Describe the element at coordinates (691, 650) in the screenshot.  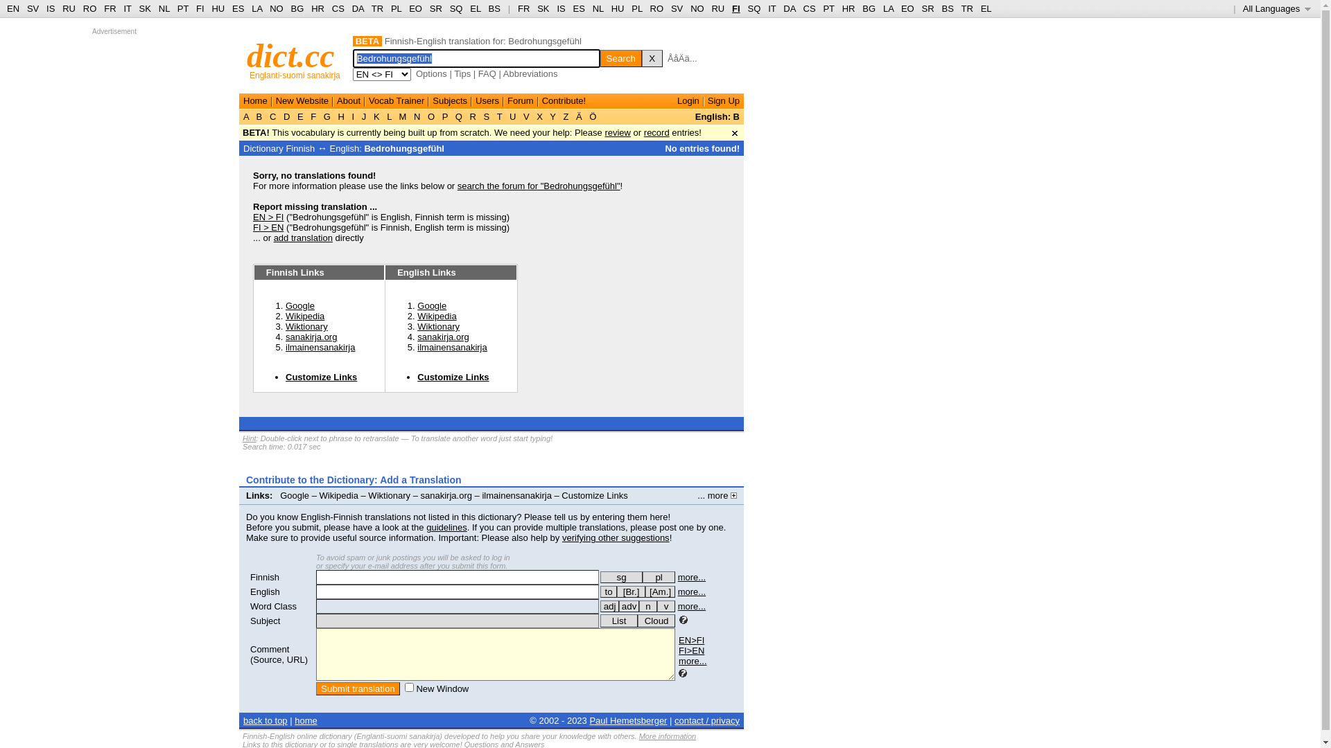
I see `'FI>EN'` at that location.